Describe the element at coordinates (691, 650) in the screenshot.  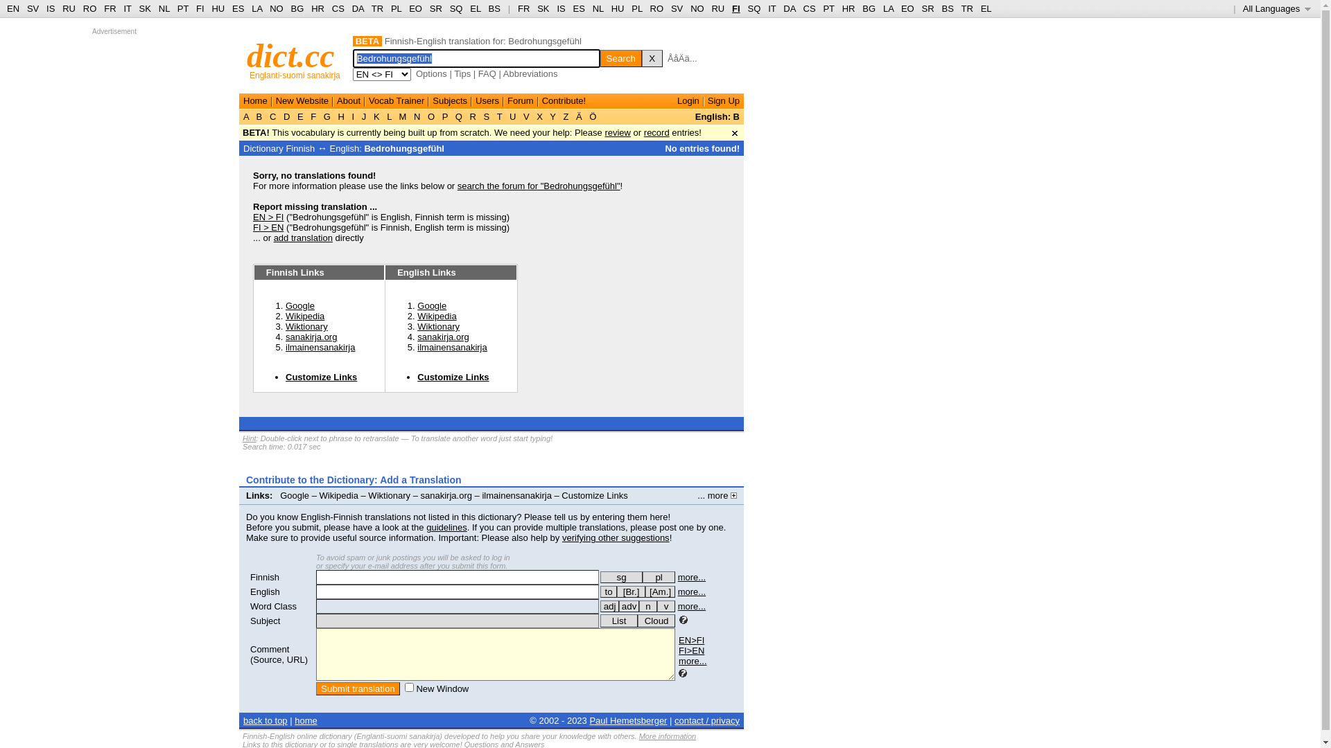
I see `'FI>EN'` at that location.